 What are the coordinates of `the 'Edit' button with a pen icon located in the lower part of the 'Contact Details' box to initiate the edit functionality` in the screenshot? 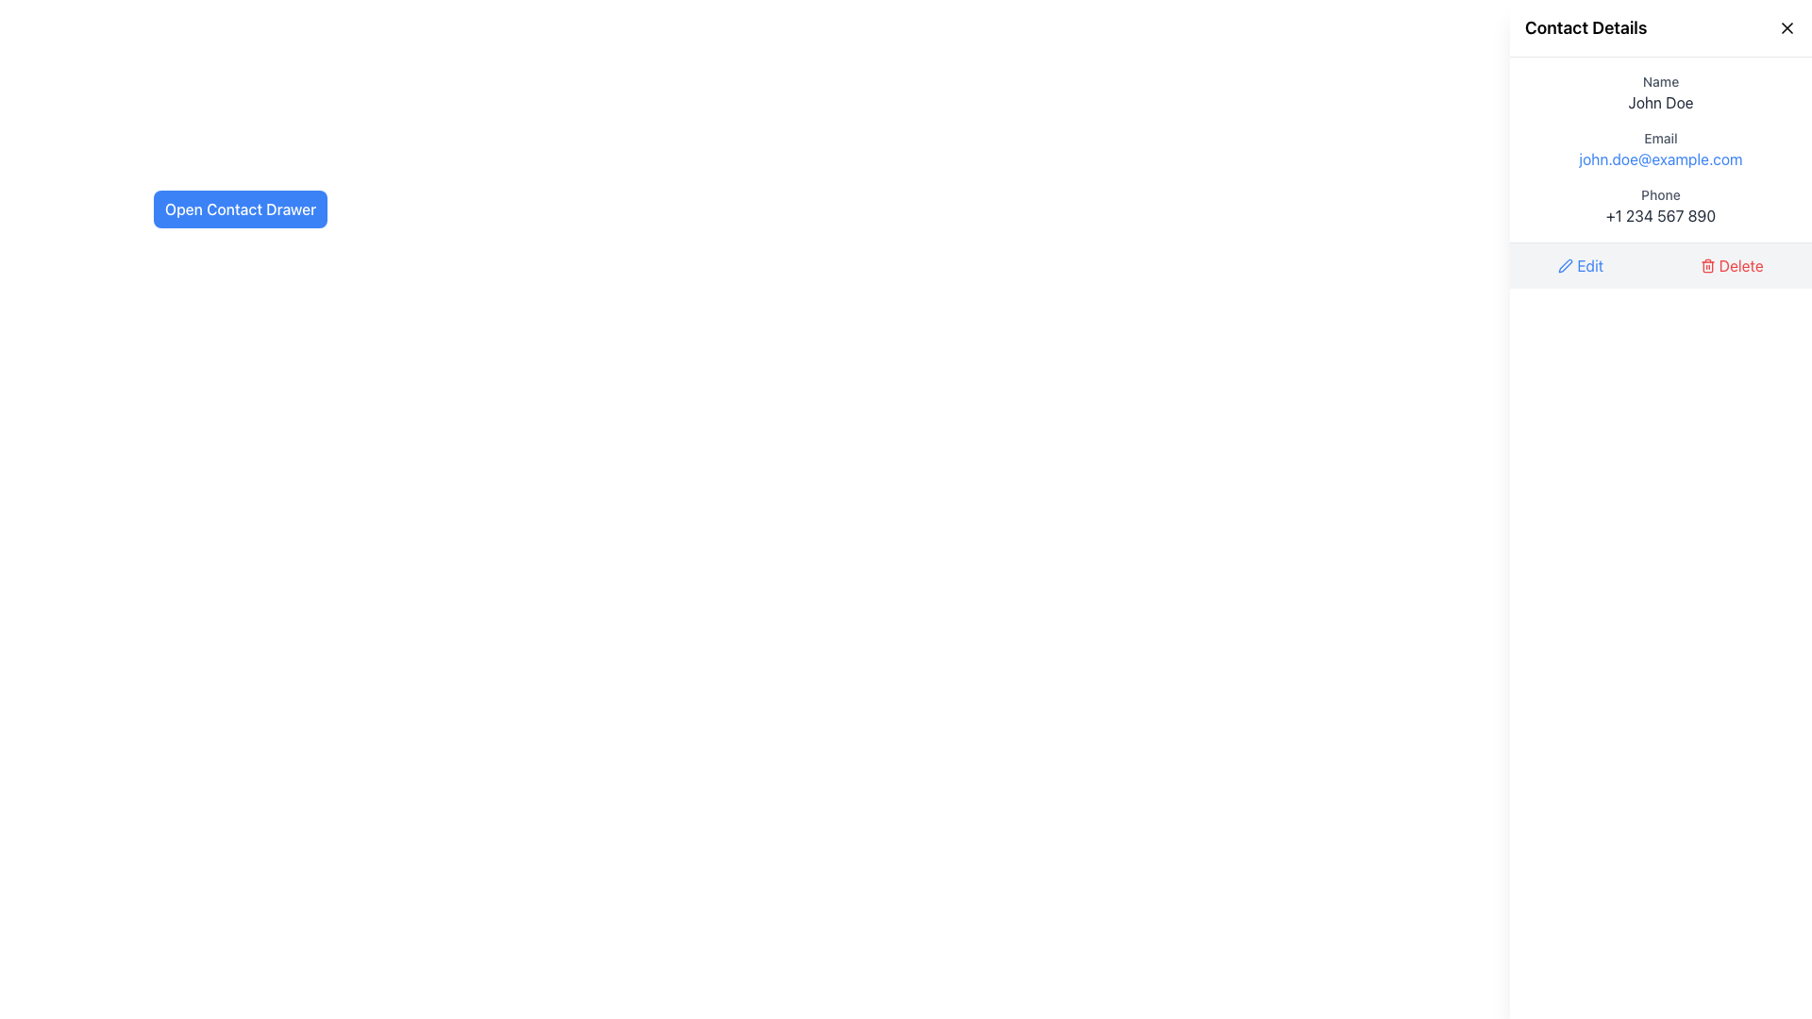 It's located at (1581, 265).